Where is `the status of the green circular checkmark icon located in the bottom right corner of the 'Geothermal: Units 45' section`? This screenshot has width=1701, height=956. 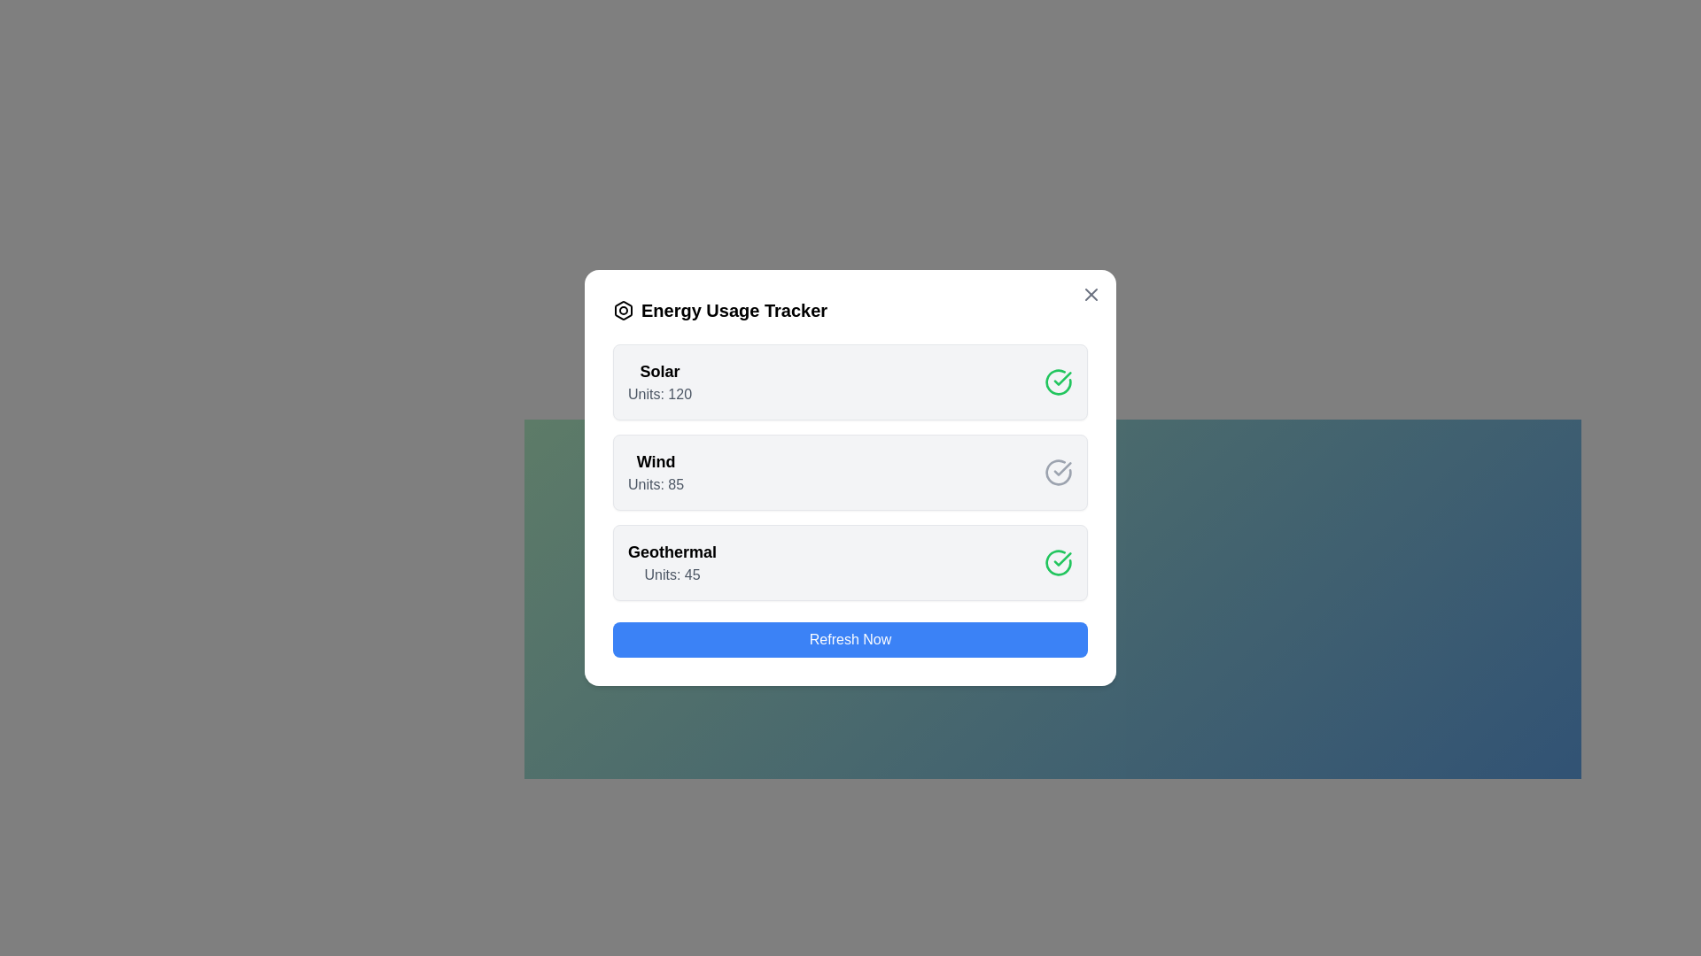
the status of the green circular checkmark icon located in the bottom right corner of the 'Geothermal: Units 45' section is located at coordinates (1059, 563).